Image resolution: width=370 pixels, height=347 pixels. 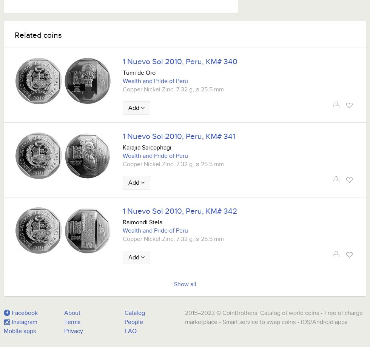 What do you see at coordinates (220, 136) in the screenshot?
I see `'KM# 341'` at bounding box center [220, 136].